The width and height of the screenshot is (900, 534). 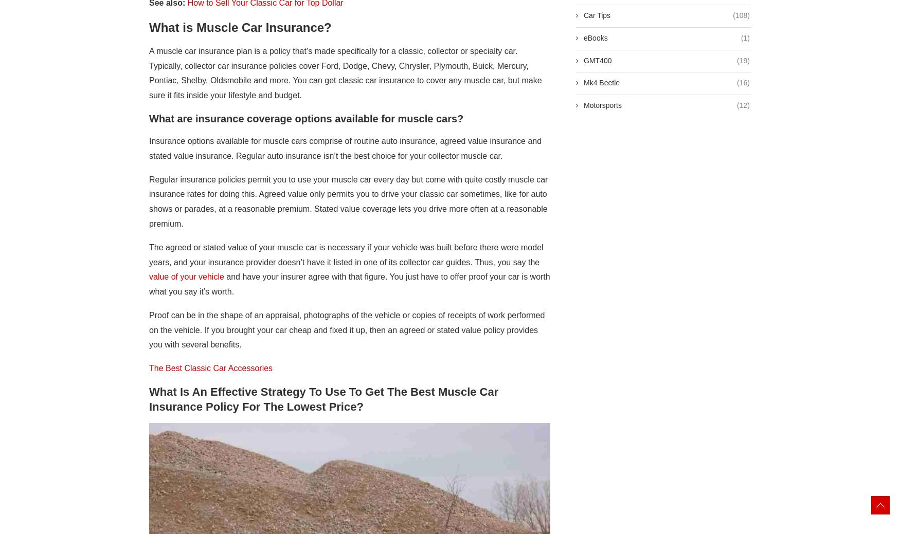 What do you see at coordinates (601, 82) in the screenshot?
I see `'Mk4 Beetle'` at bounding box center [601, 82].